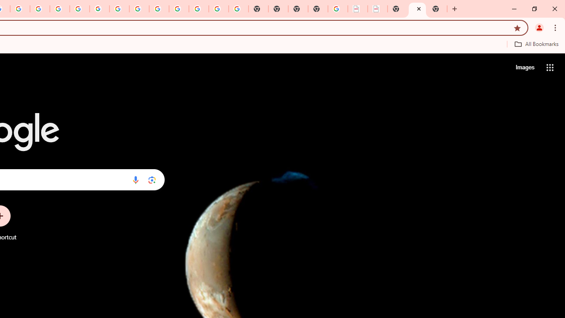  What do you see at coordinates (39, 9) in the screenshot?
I see `'Privacy Help Center - Policies Help'` at bounding box center [39, 9].